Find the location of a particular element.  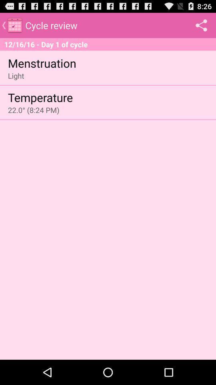

light item is located at coordinates (16, 75).